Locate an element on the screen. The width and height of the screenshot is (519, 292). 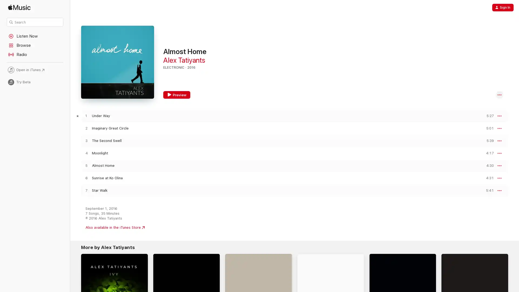
Play is located at coordinates (86, 178).